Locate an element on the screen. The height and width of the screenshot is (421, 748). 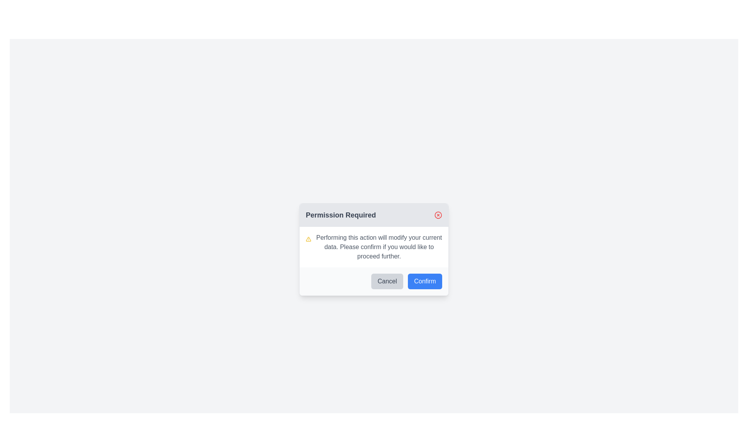
the cancel button located in the bottom-right portion of the modal dialog is located at coordinates (387, 281).